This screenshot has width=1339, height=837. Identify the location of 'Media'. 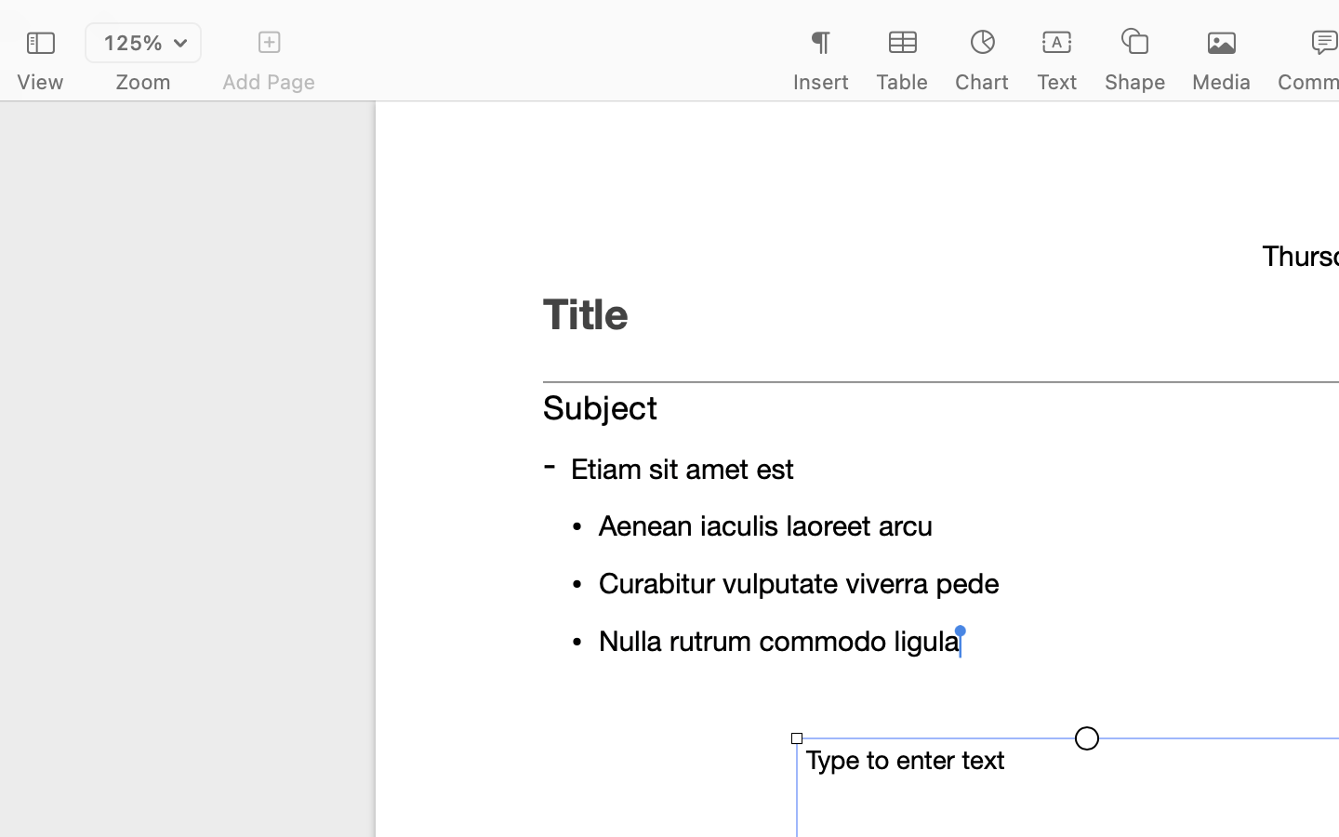
(1222, 81).